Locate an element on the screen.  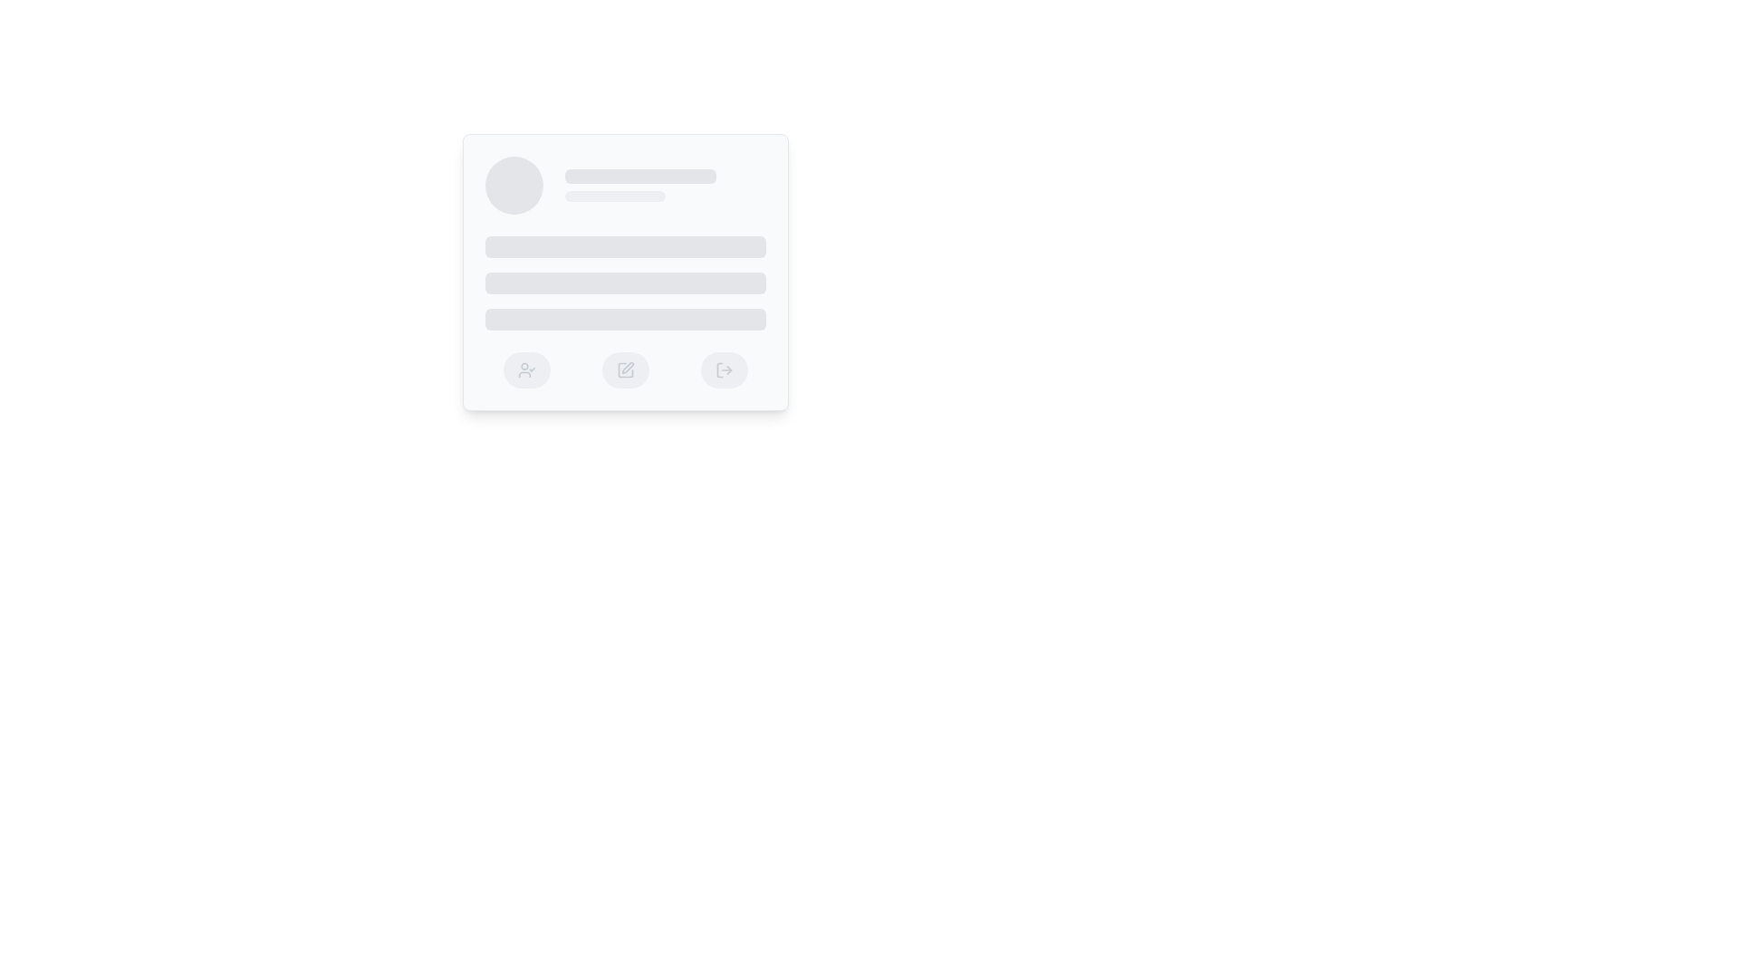
the middle icon in the group of three adjacent icons is located at coordinates (626, 369).